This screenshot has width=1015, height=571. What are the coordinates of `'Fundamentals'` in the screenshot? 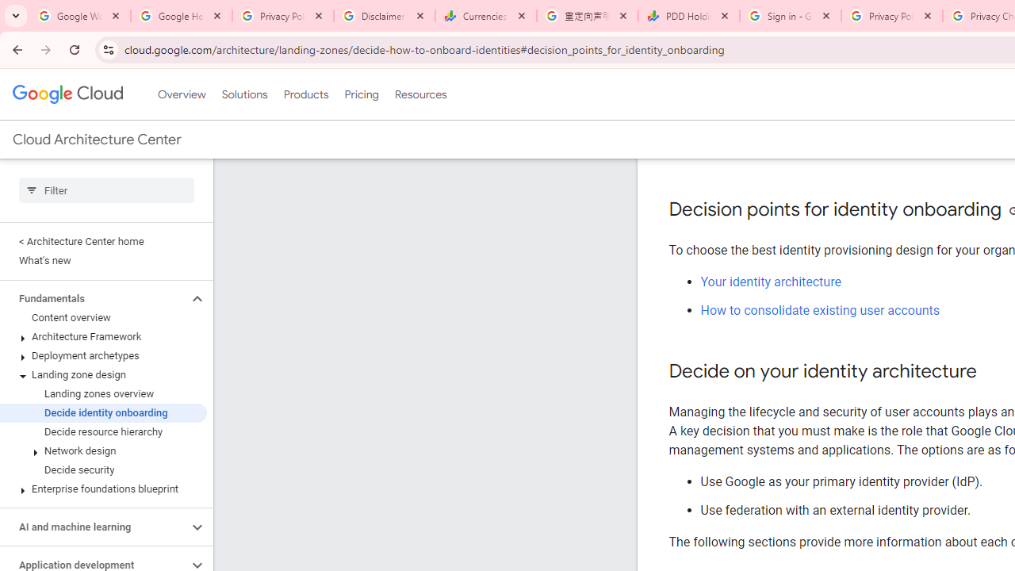 It's located at (93, 298).